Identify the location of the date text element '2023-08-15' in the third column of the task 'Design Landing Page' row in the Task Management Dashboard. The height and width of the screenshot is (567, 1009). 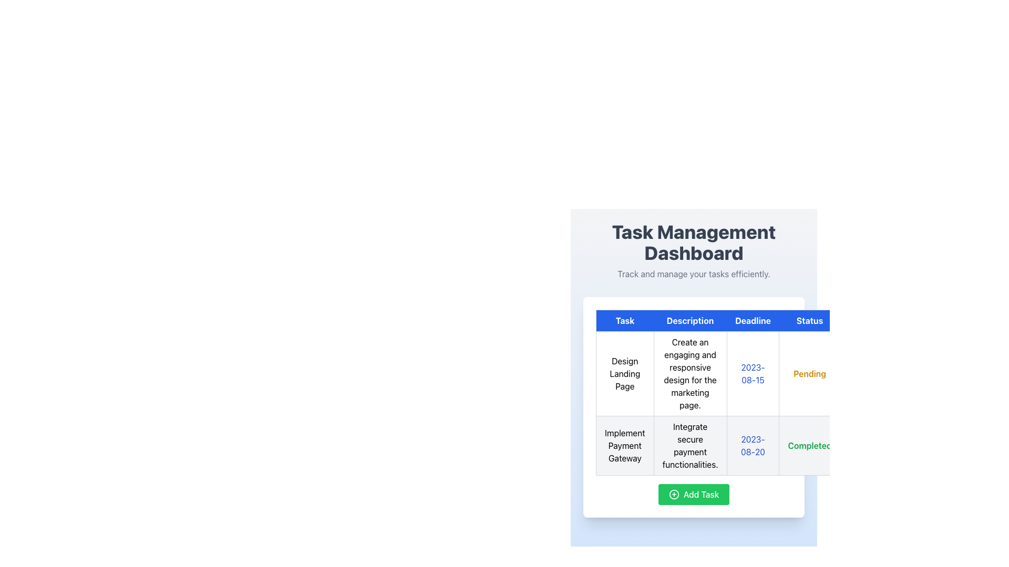
(742, 373).